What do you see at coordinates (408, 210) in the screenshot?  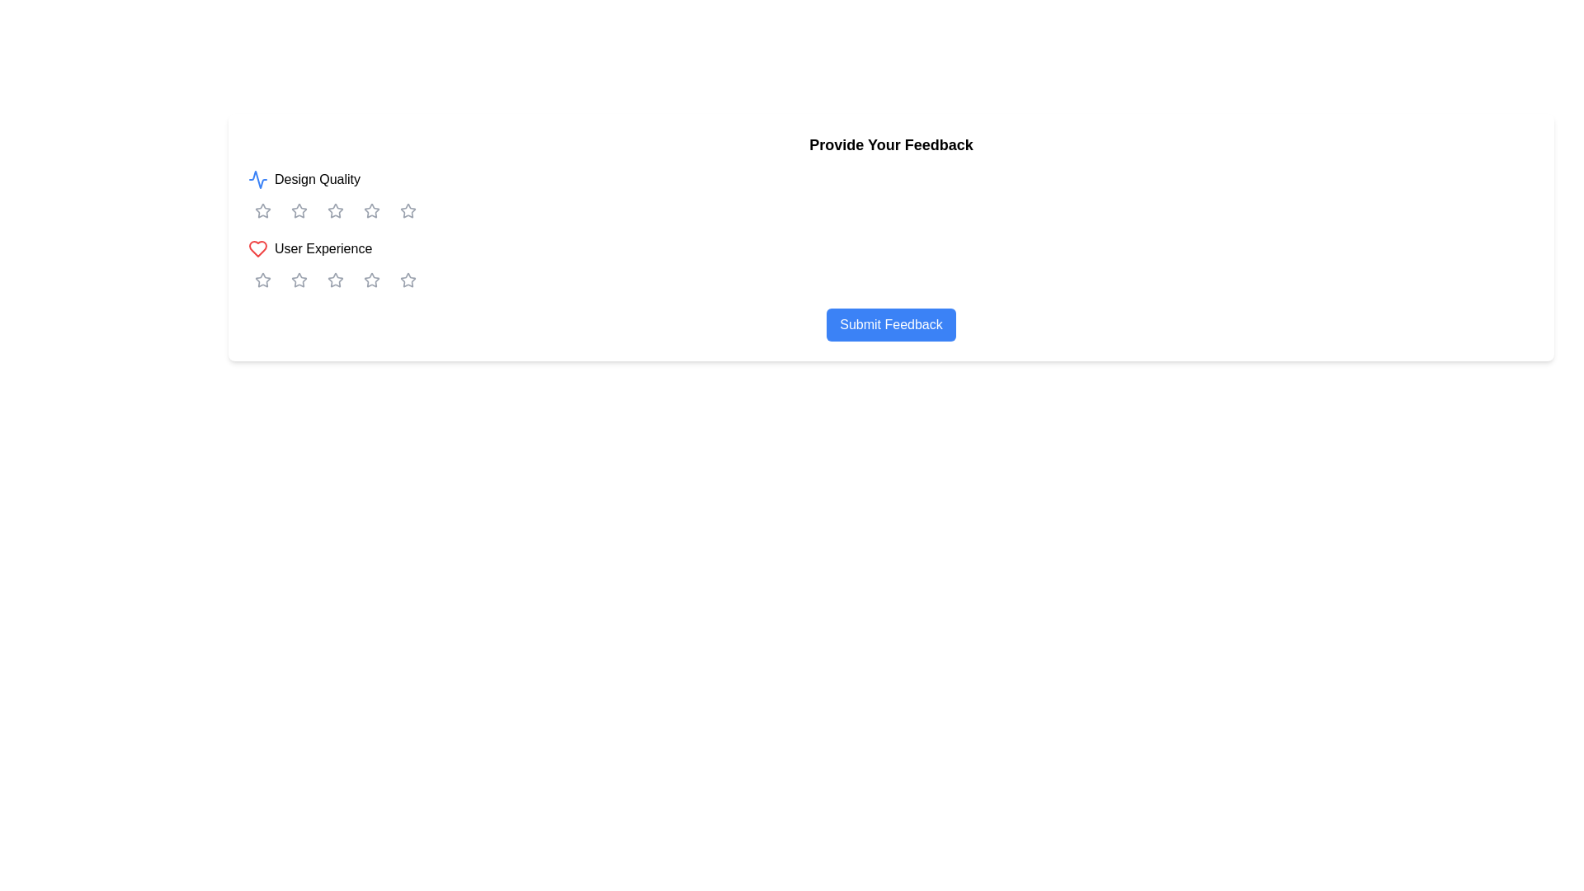 I see `the fifth star icon in the rating system for 'Design Quality'` at bounding box center [408, 210].